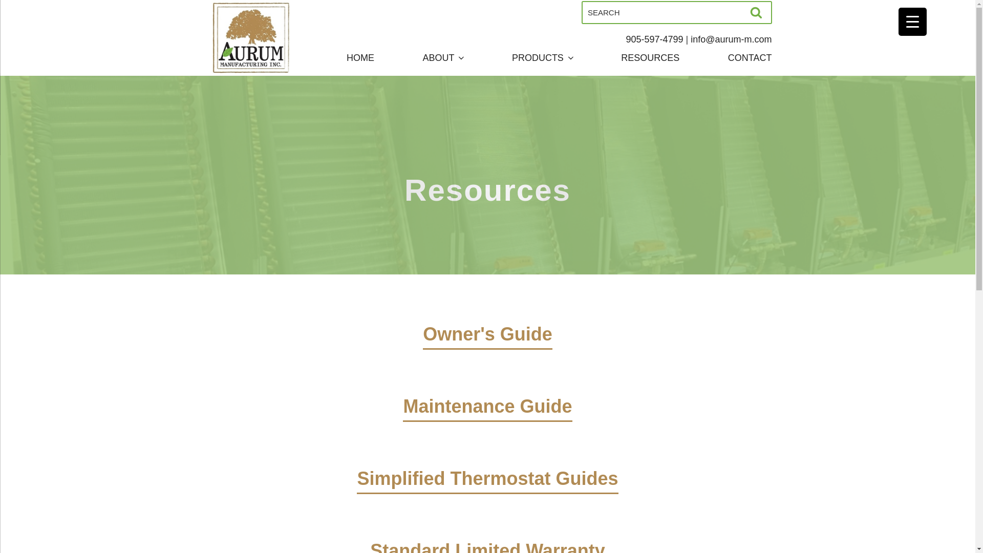 The width and height of the screenshot is (983, 553). Describe the element at coordinates (442, 58) in the screenshot. I see `'ABOUT'` at that location.